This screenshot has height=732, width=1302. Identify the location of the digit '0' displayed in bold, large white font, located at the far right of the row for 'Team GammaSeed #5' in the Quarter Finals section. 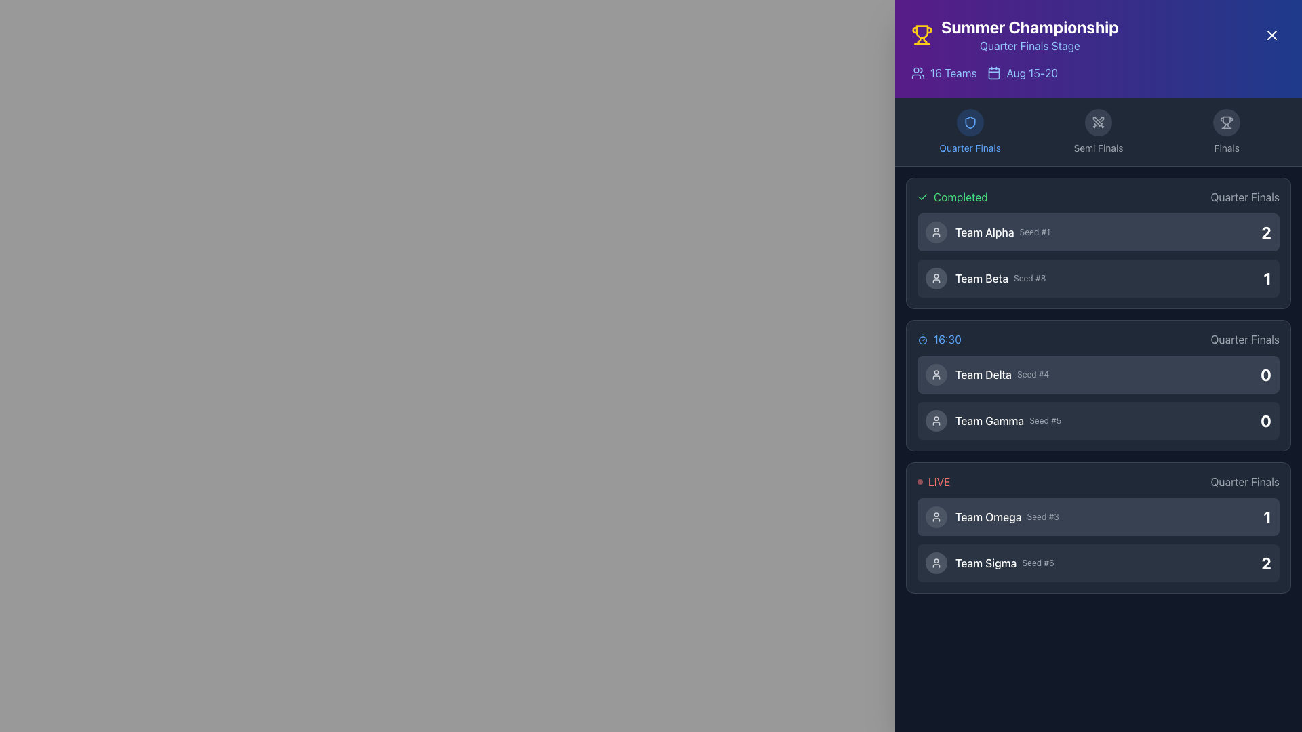
(1265, 420).